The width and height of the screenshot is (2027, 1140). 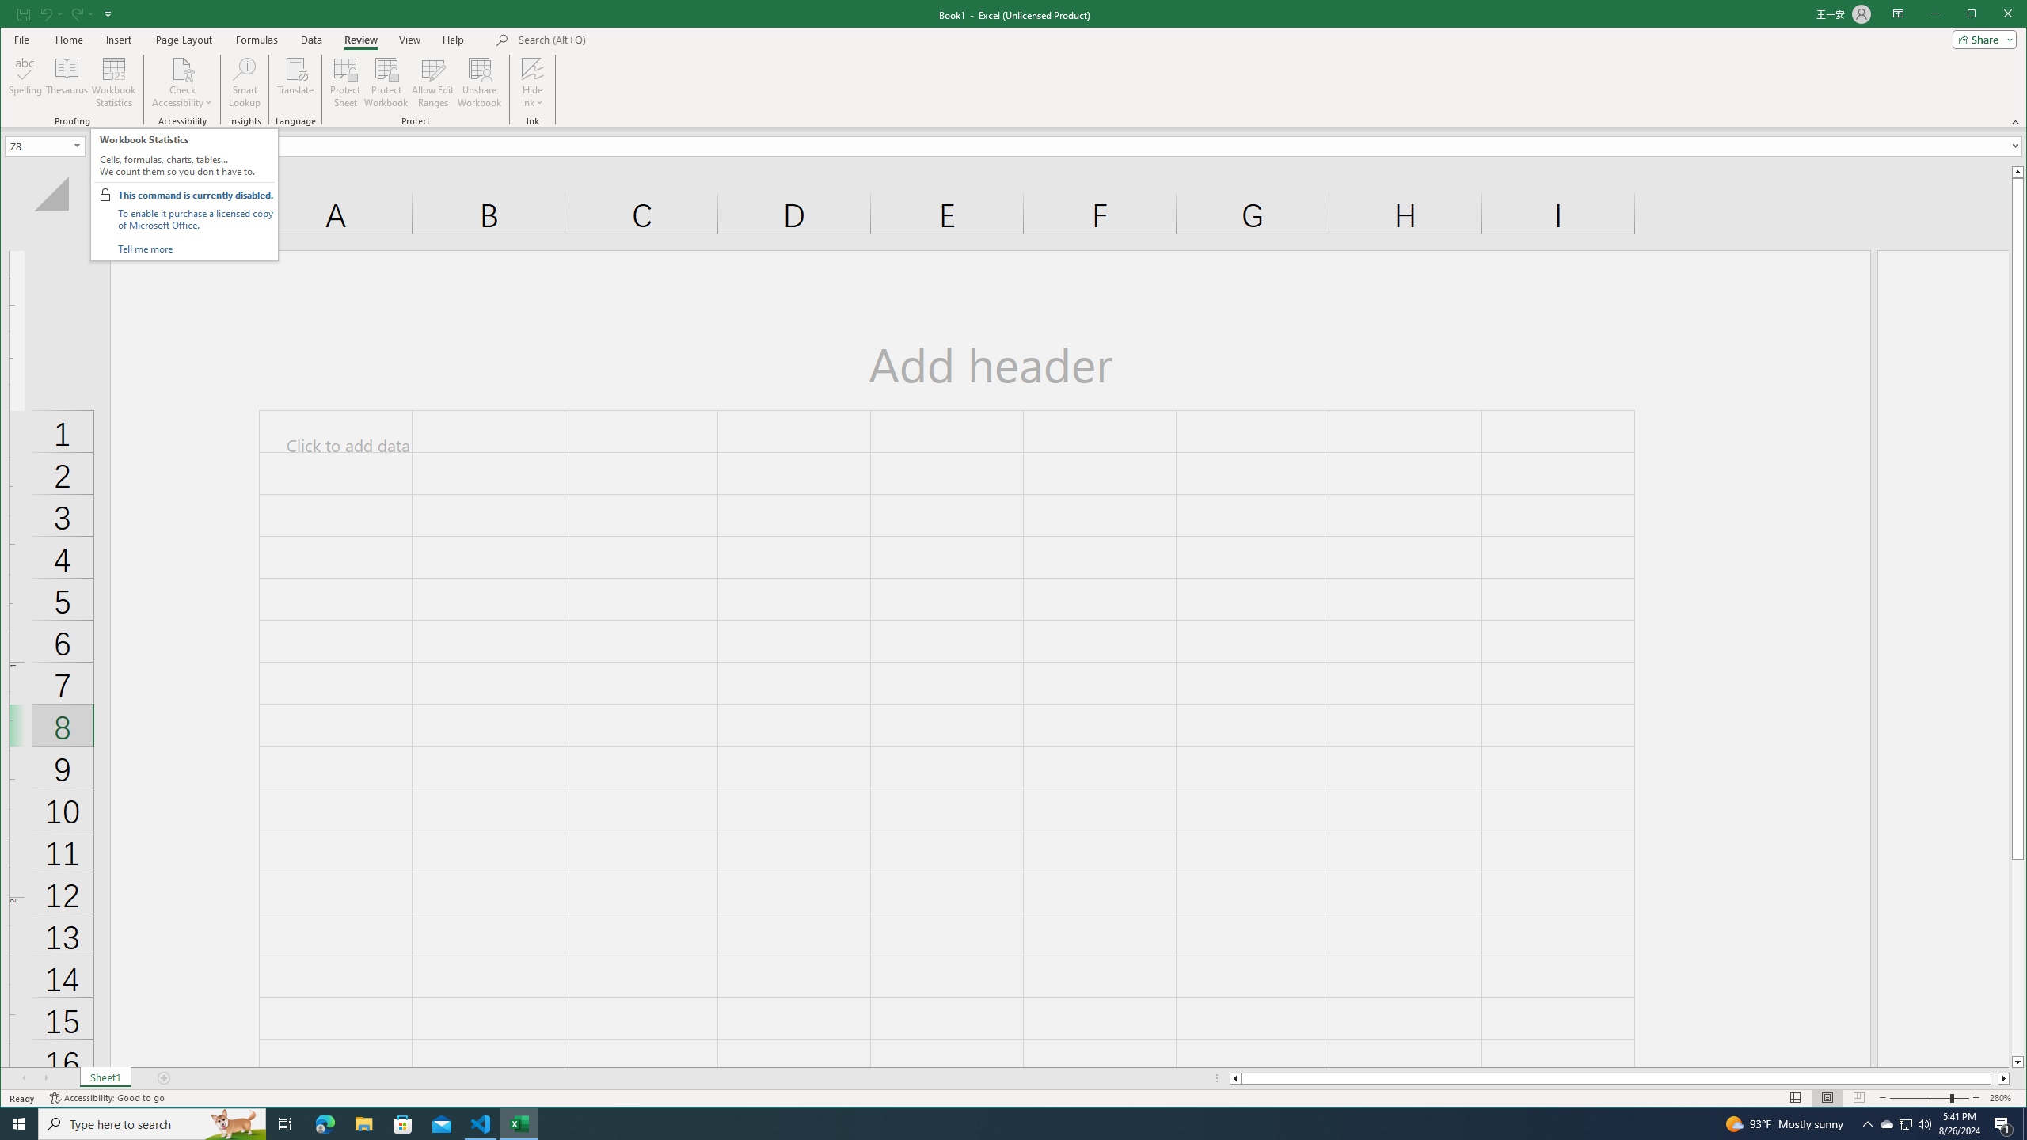 What do you see at coordinates (151, 1123) in the screenshot?
I see `'Type here to search'` at bounding box center [151, 1123].